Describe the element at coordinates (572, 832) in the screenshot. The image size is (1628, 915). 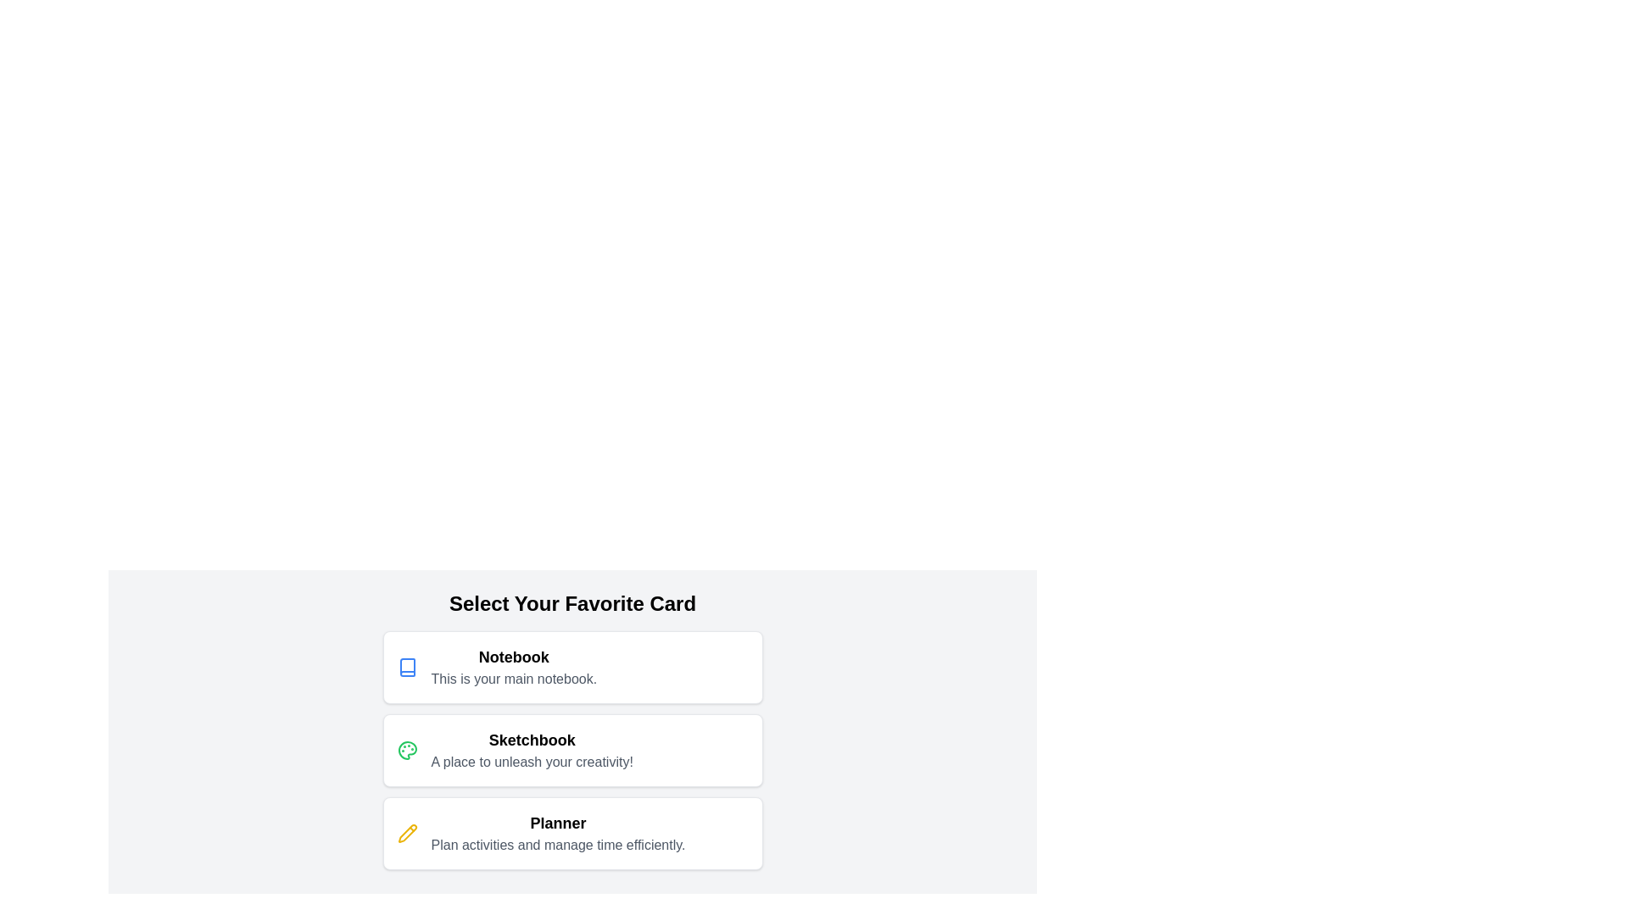
I see `the third static informational card in the vertical list` at that location.